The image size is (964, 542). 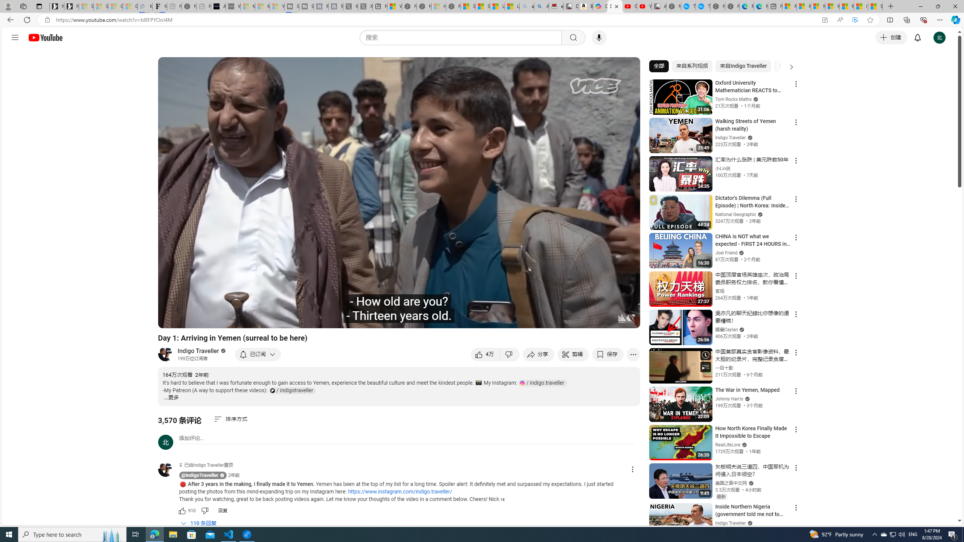 I want to click on 'Microsoft Start - Sleeping', so click(x=262, y=6).